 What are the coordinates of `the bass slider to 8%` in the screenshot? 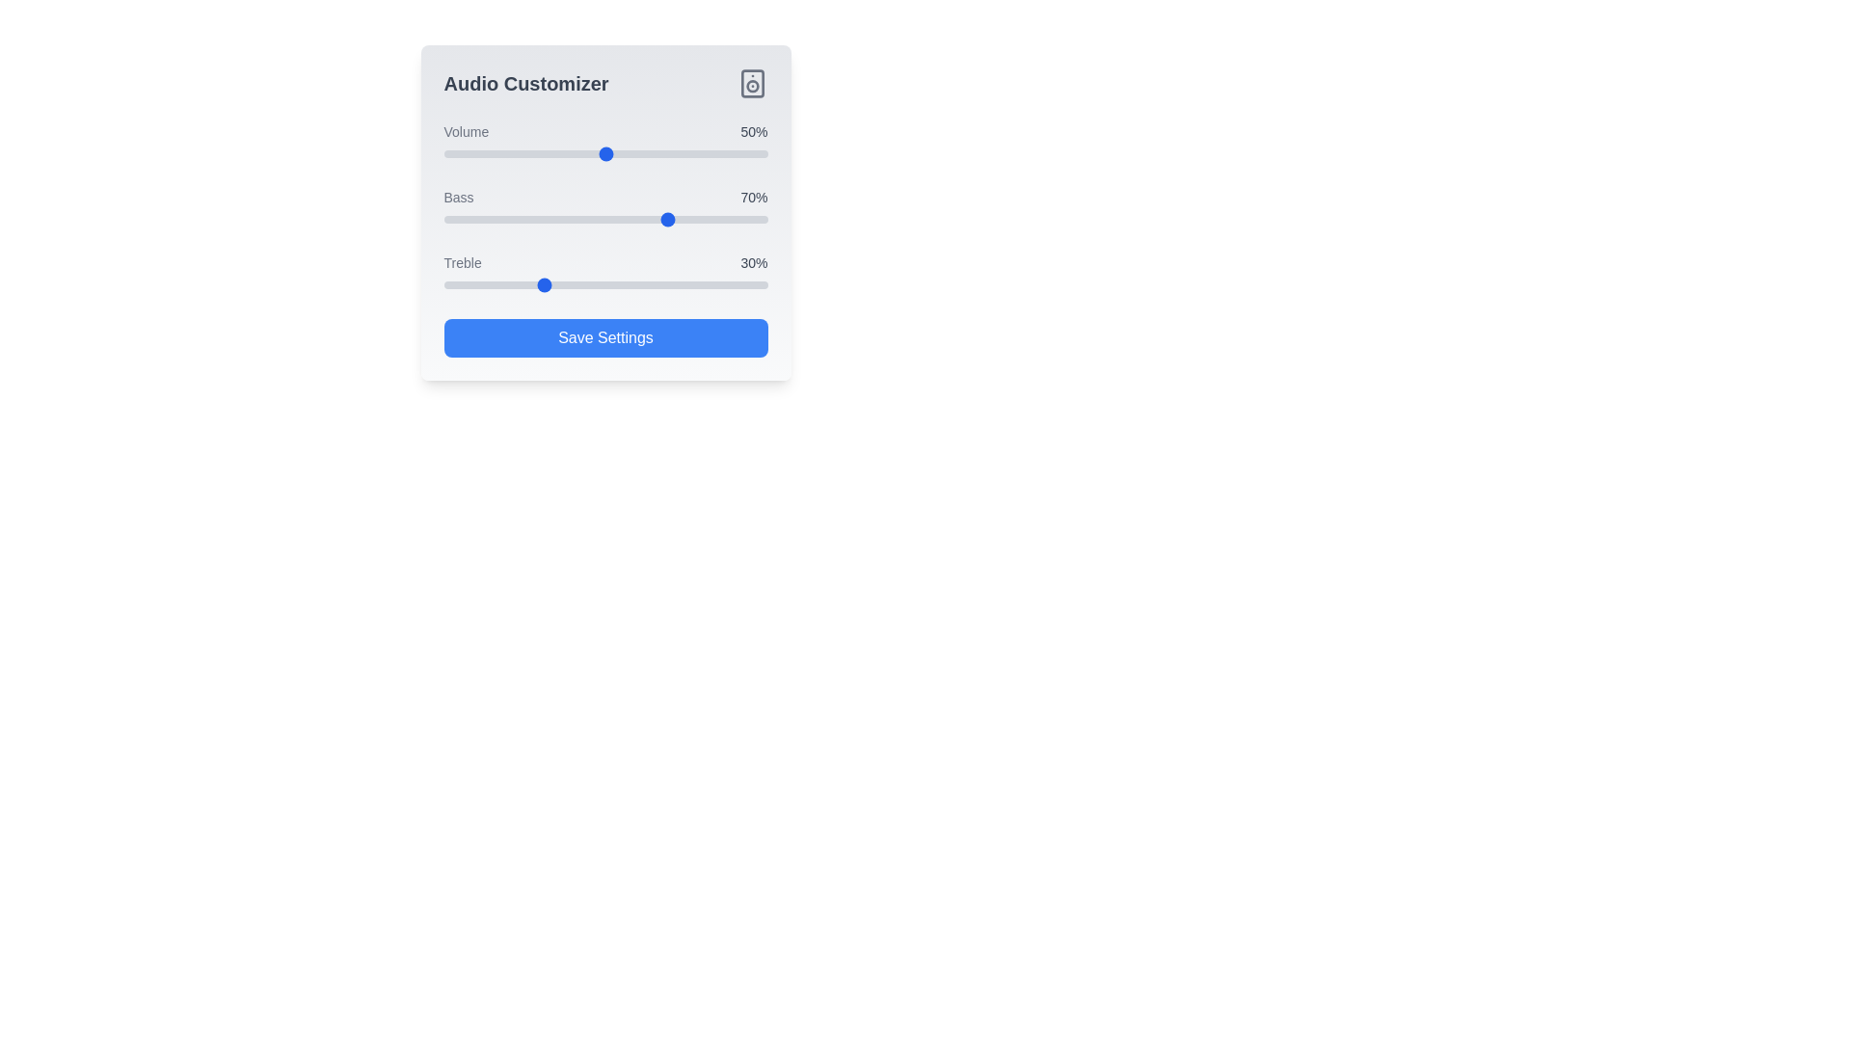 It's located at (469, 218).